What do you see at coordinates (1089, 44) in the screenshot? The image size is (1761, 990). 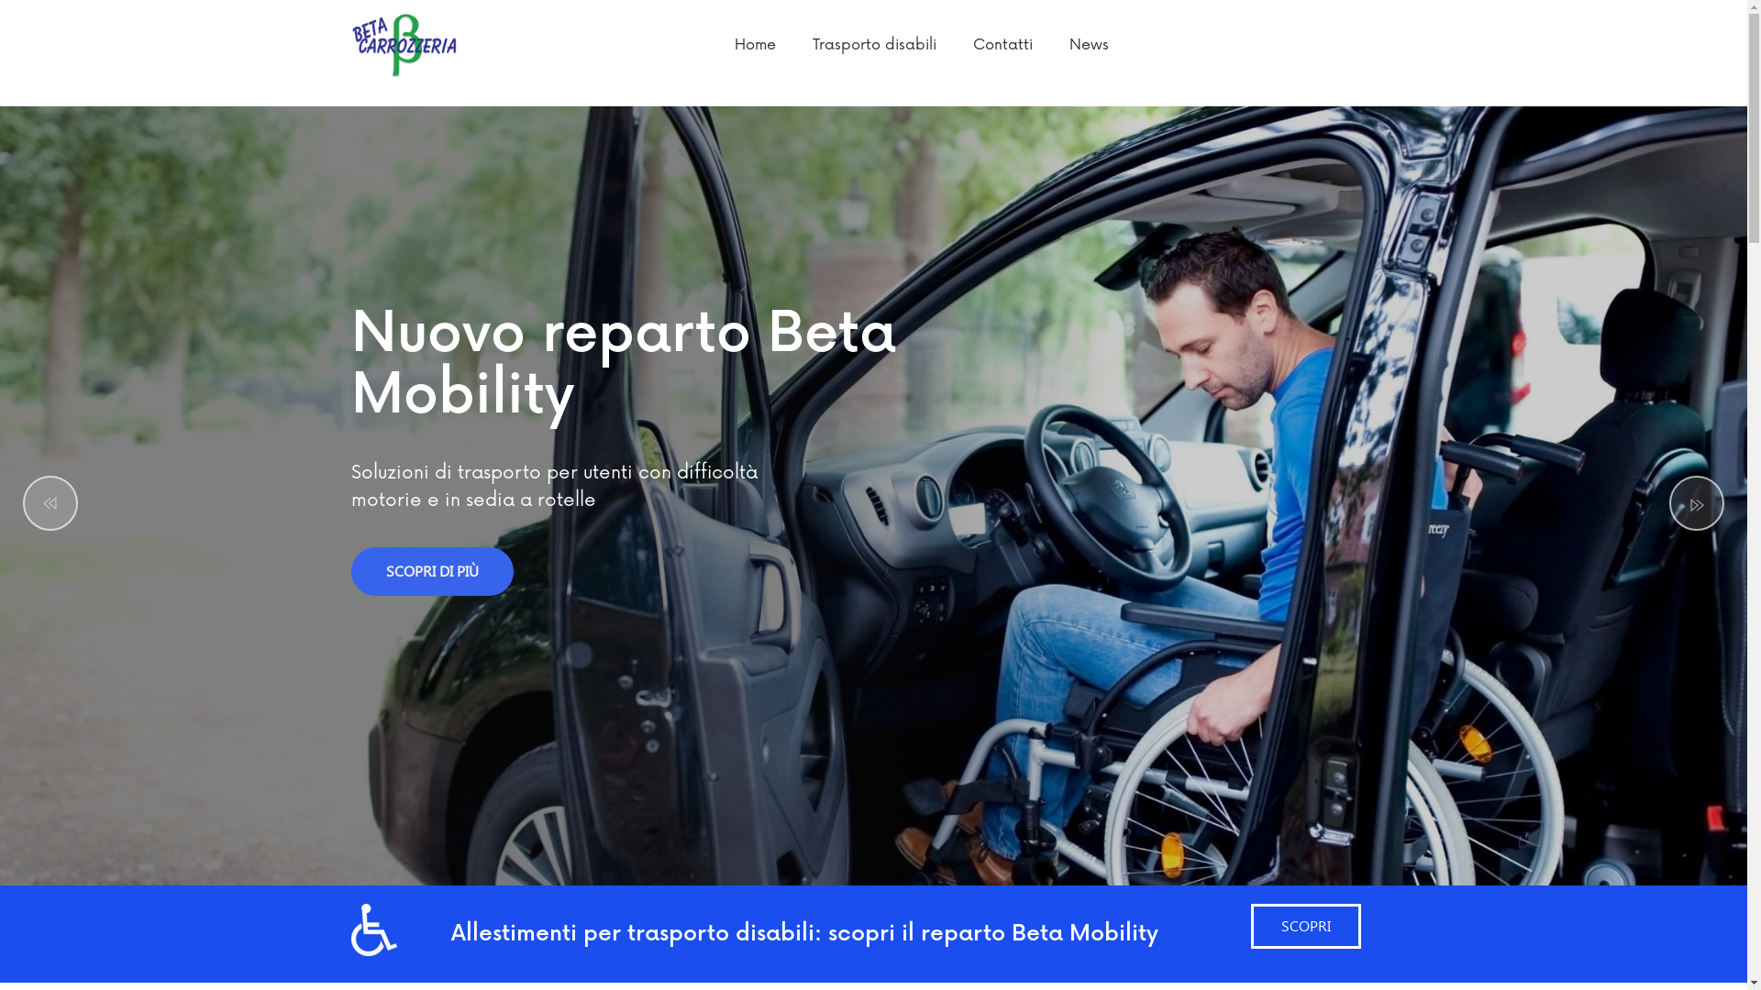 I see `'News'` at bounding box center [1089, 44].